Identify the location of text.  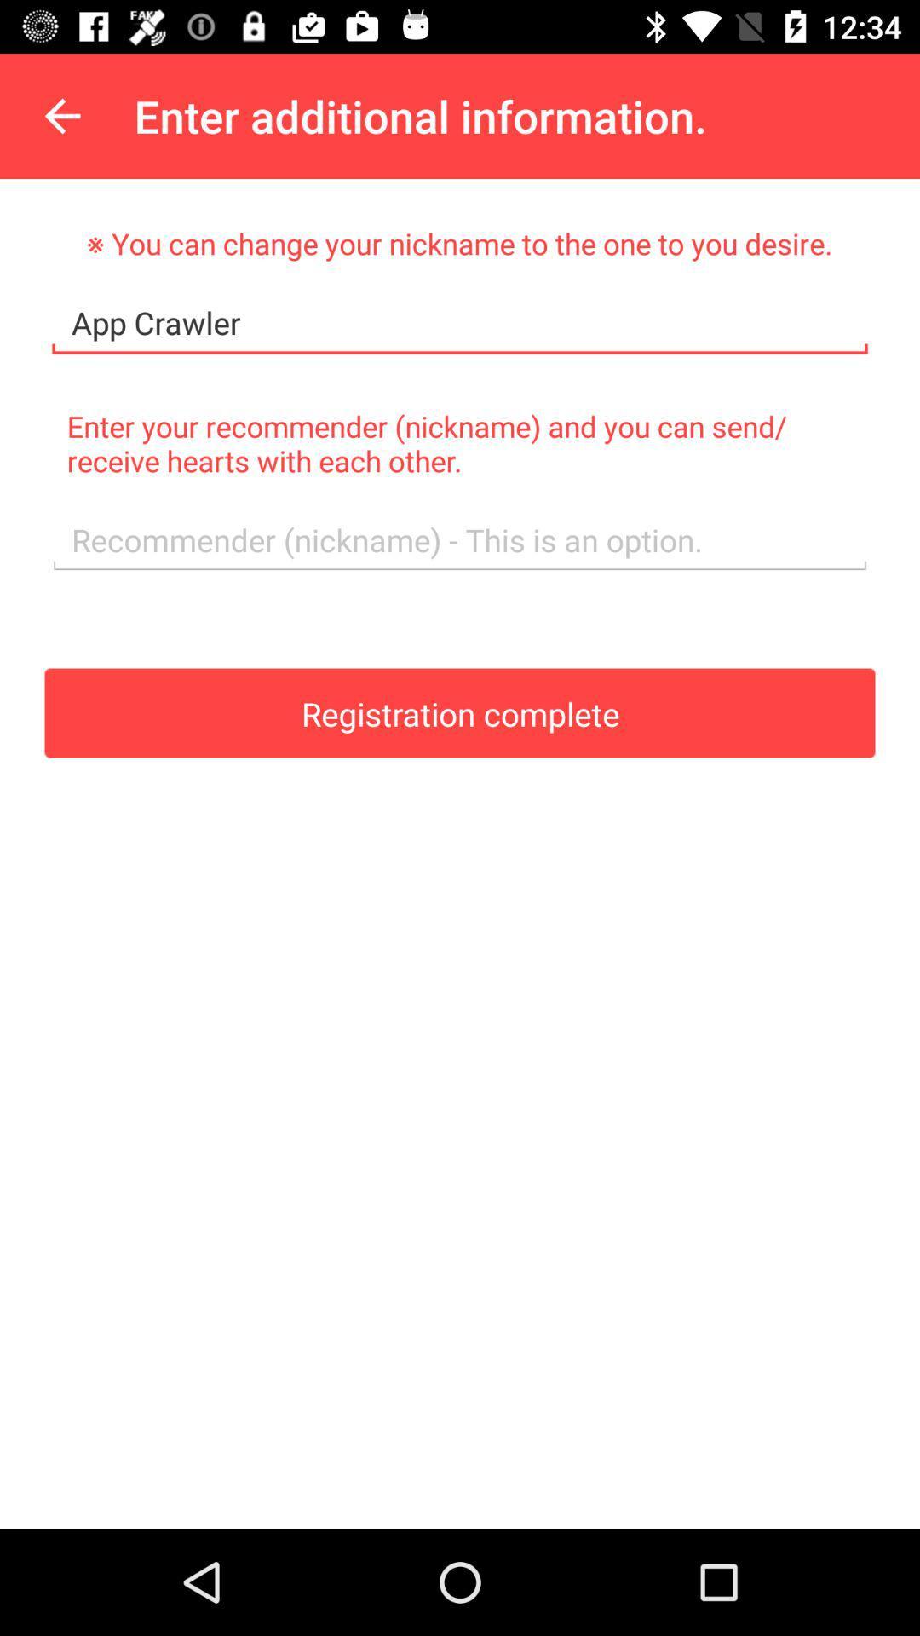
(460, 539).